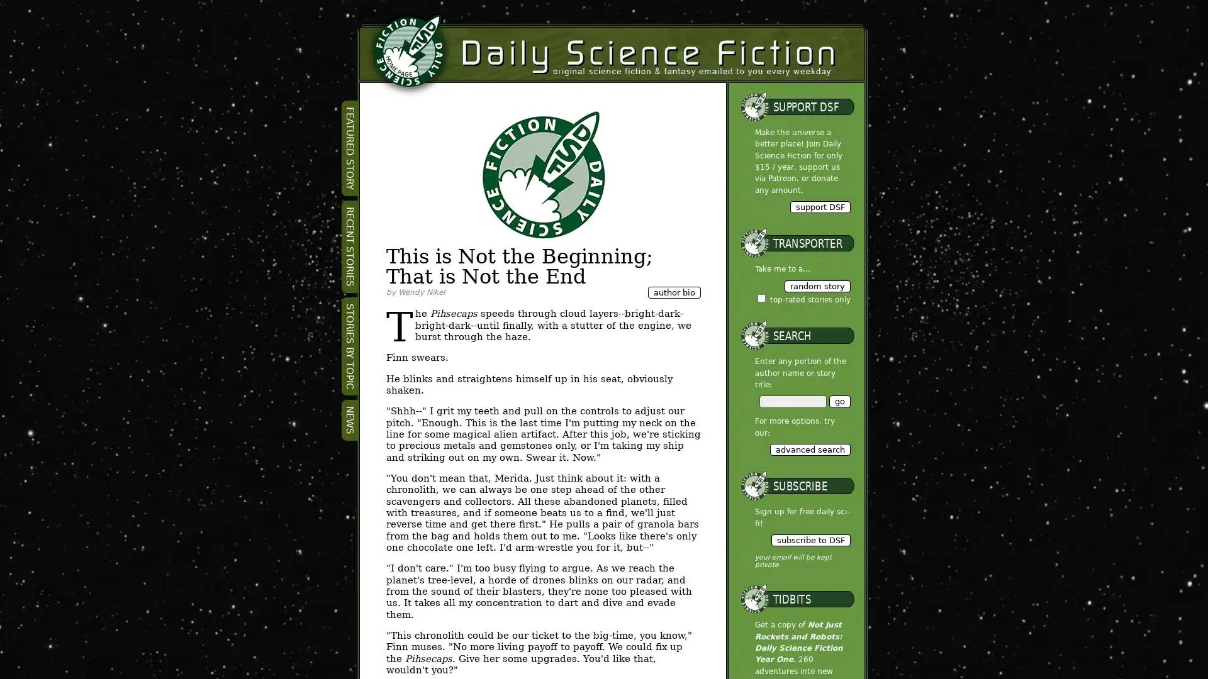 The width and height of the screenshot is (1208, 679). What do you see at coordinates (809, 448) in the screenshot?
I see `advanced search` at bounding box center [809, 448].